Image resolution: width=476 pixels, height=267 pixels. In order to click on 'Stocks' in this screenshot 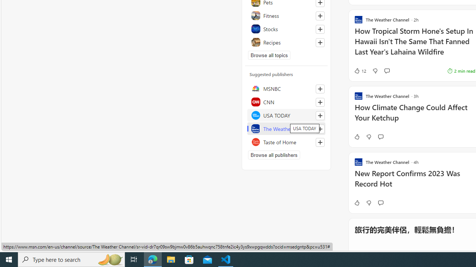, I will do `click(286, 29)`.